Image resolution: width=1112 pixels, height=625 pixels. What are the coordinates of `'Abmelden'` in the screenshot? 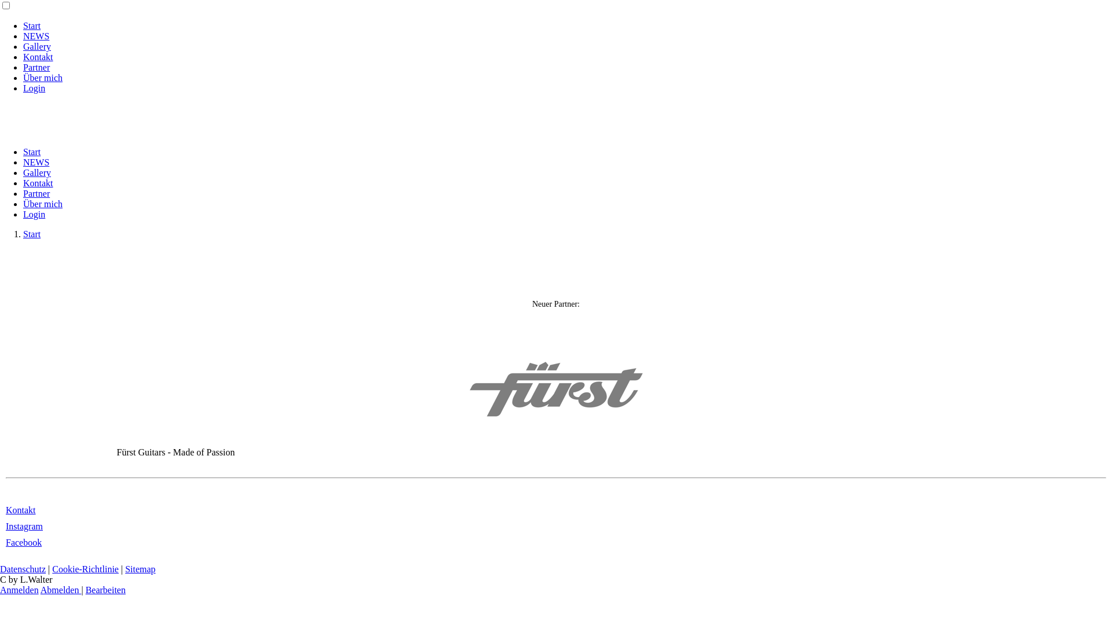 It's located at (60, 590).